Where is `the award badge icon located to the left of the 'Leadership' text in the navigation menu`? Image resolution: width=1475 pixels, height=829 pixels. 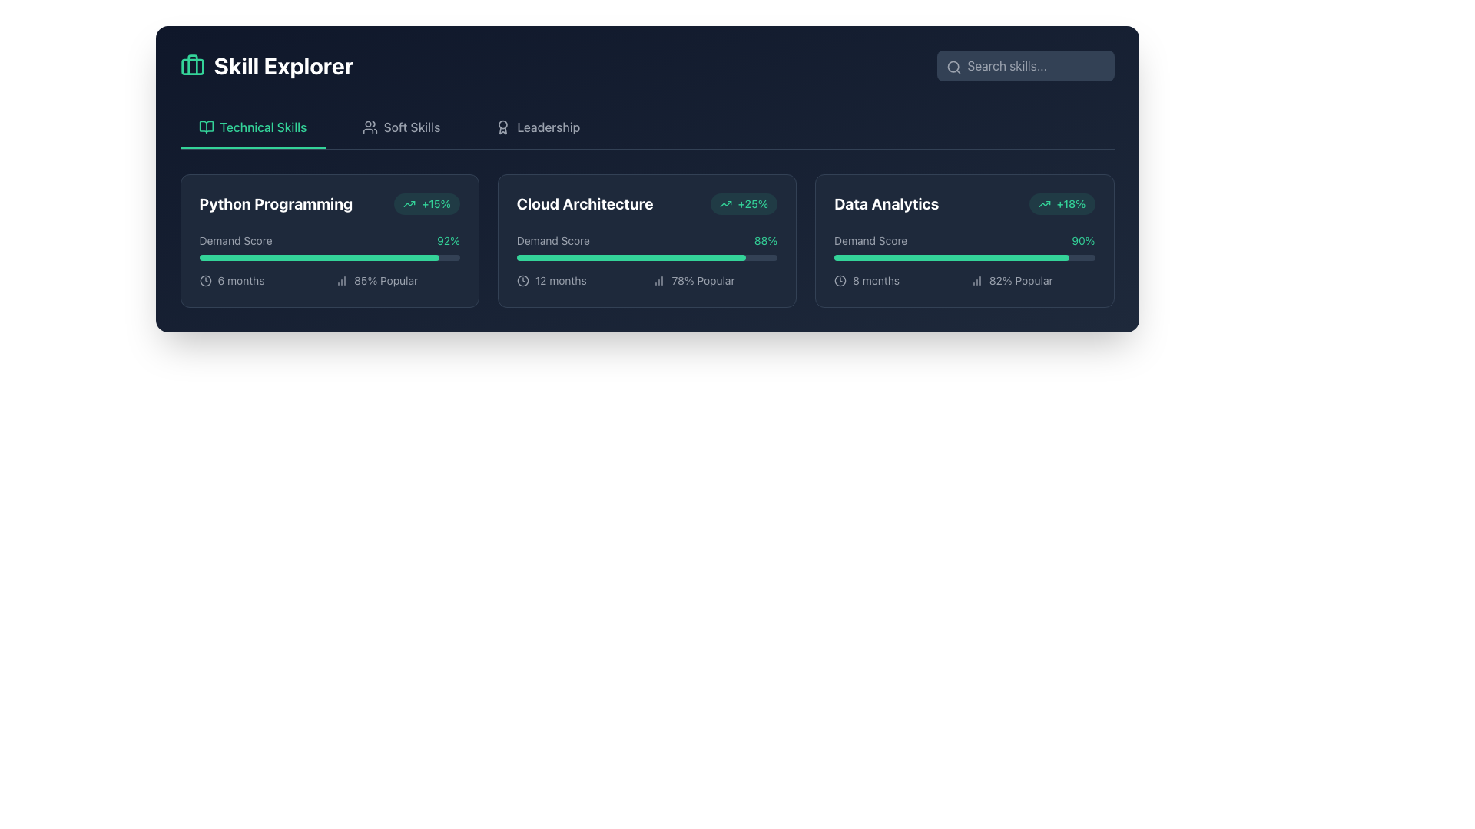 the award badge icon located to the left of the 'Leadership' text in the navigation menu is located at coordinates (503, 126).